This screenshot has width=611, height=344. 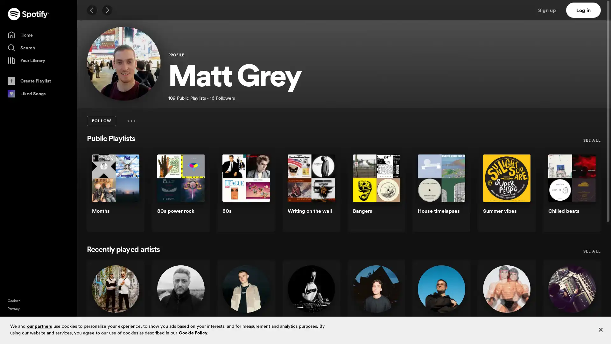 I want to click on Play Summer vibes, so click(x=520, y=194).